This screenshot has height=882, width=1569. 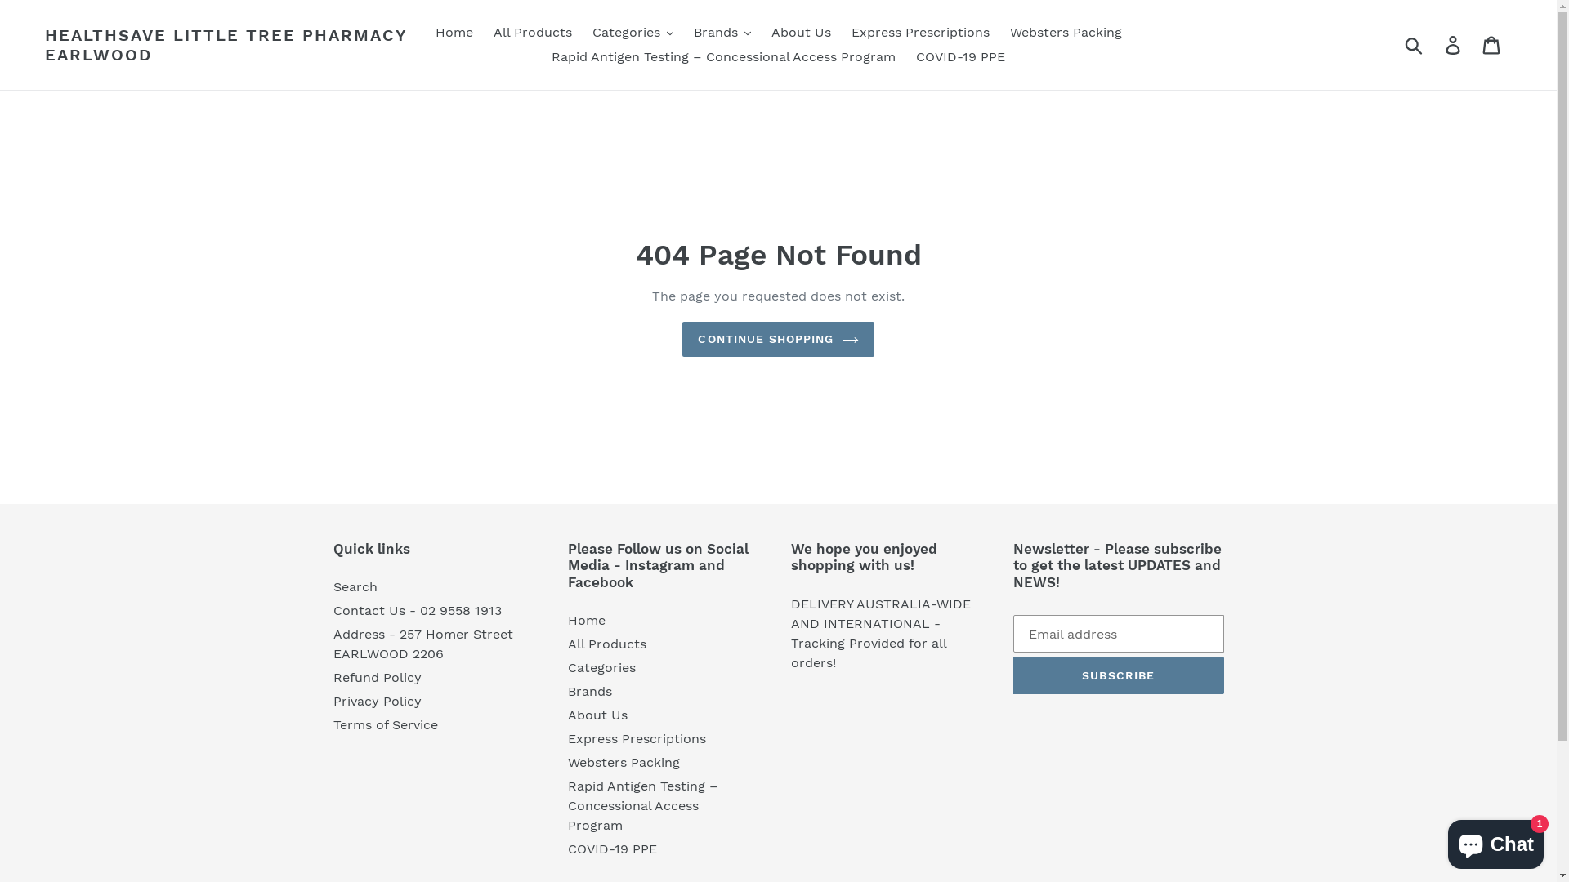 I want to click on 'SUBSCRIBE', so click(x=1012, y=675).